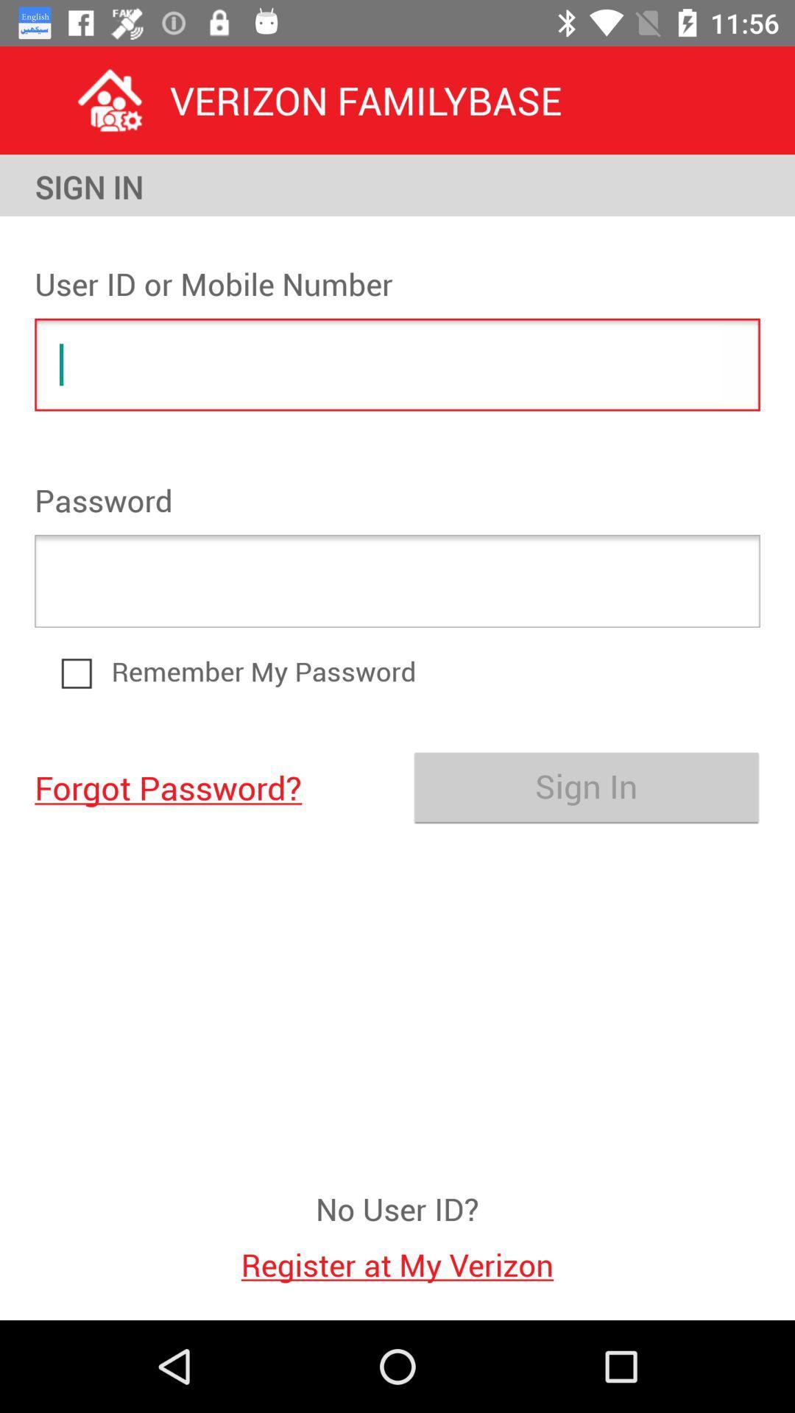 The height and width of the screenshot is (1413, 795). I want to click on forgot password?, so click(208, 786).